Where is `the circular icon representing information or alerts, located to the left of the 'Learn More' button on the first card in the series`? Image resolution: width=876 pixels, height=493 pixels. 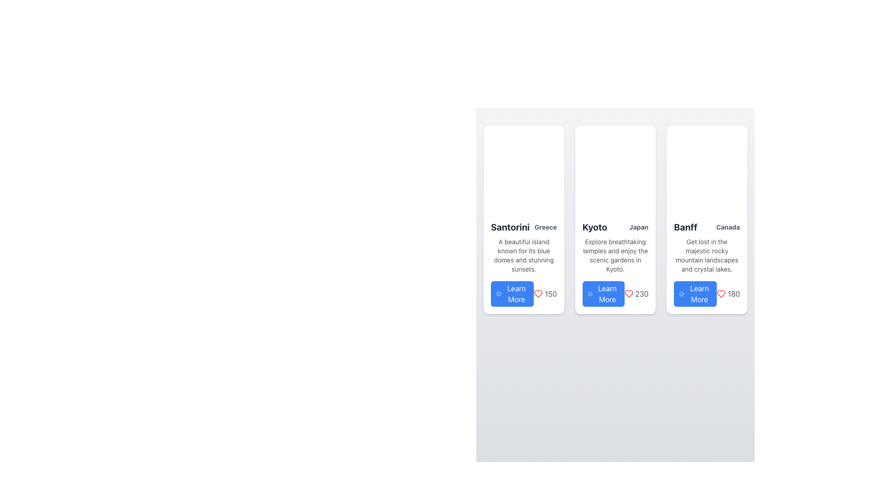
the circular icon representing information or alerts, located to the left of the 'Learn More' button on the first card in the series is located at coordinates (498, 294).